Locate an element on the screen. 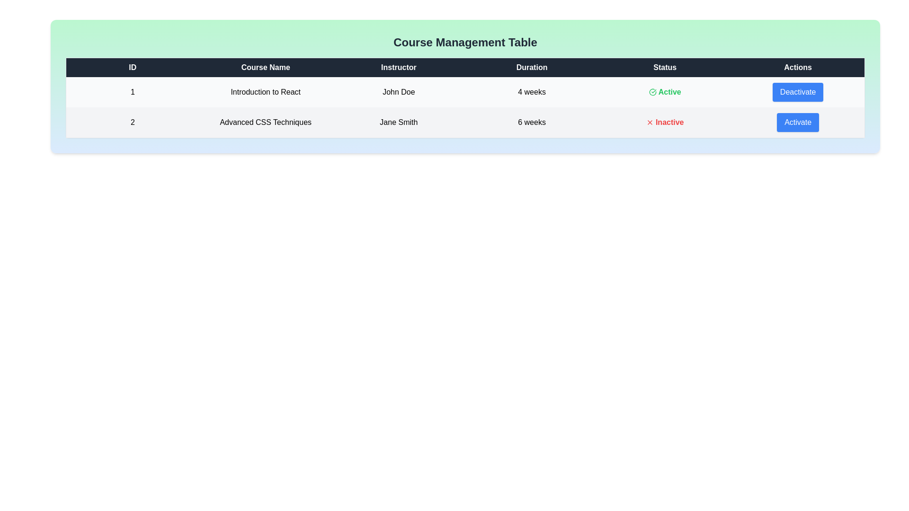 Image resolution: width=909 pixels, height=511 pixels. the deactivate button located in the last column of the first row of the table, adjacent to the 'Active' status indicator of the 'Introduction to React' course is located at coordinates (797, 92).